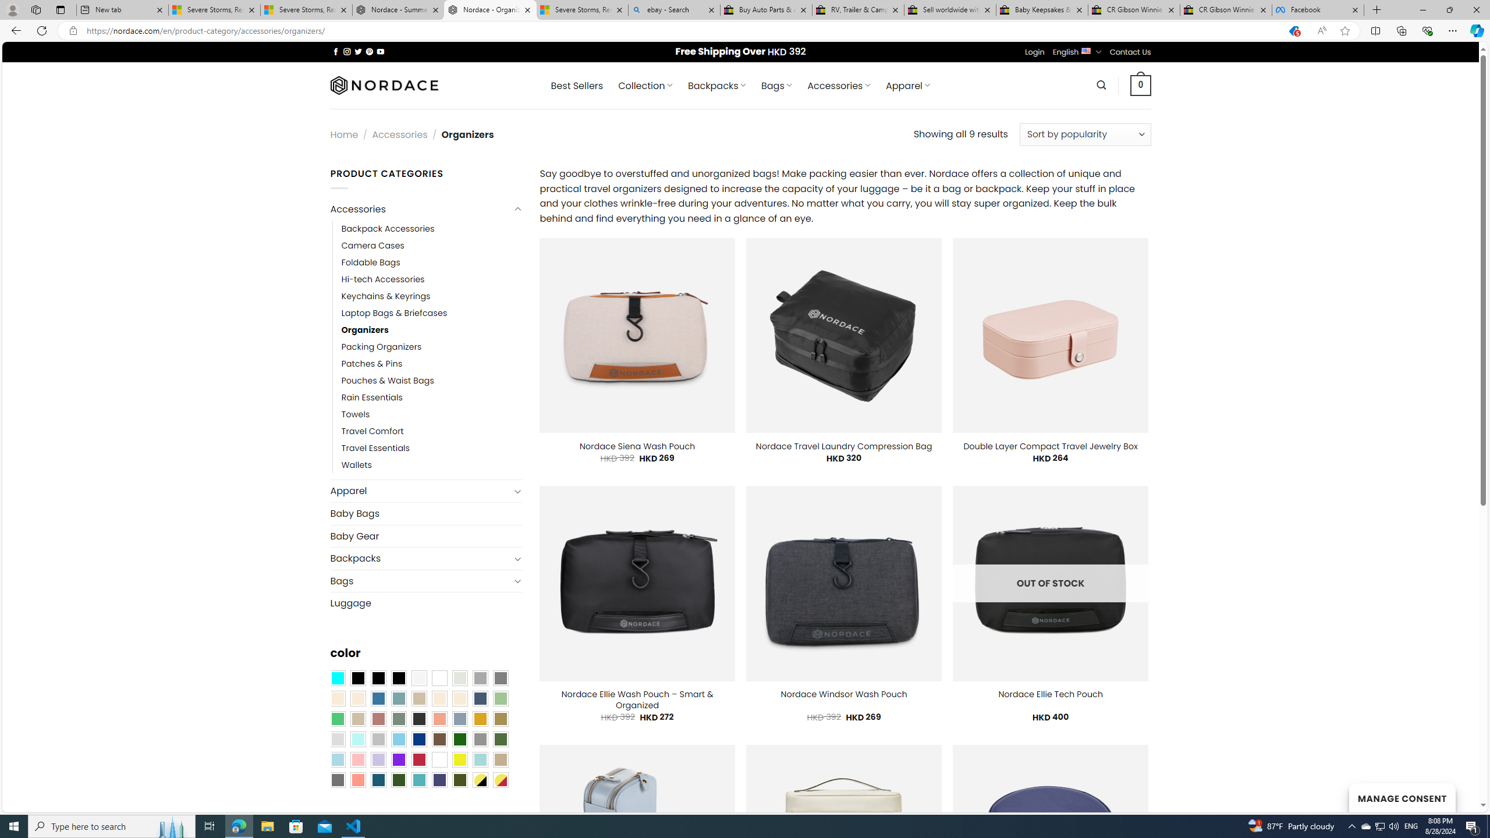 The image size is (1490, 838). What do you see at coordinates (36, 9) in the screenshot?
I see `'Workspaces'` at bounding box center [36, 9].